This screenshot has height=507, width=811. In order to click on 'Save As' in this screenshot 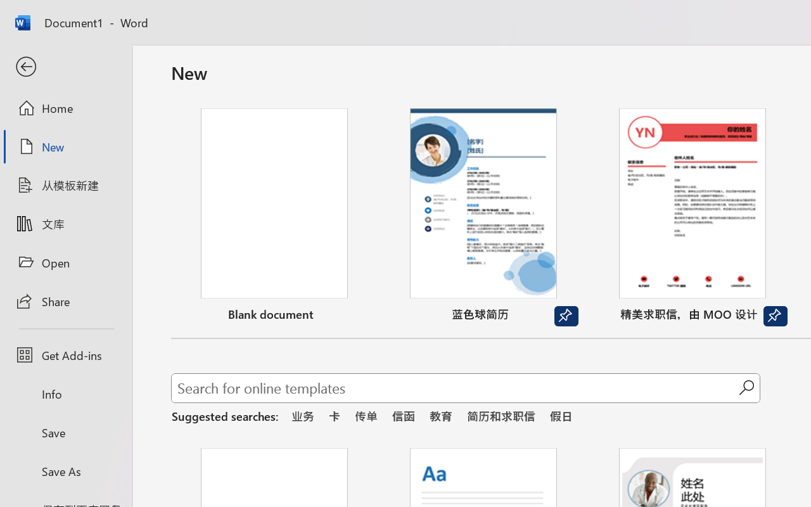, I will do `click(65, 471)`.